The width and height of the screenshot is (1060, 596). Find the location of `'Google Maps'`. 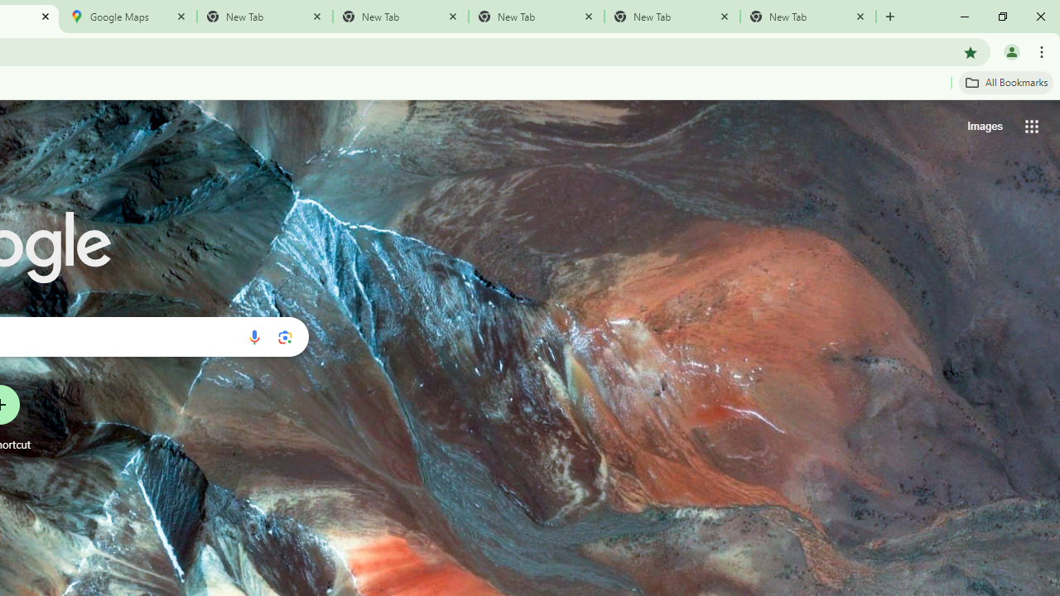

'Google Maps' is located at coordinates (128, 17).